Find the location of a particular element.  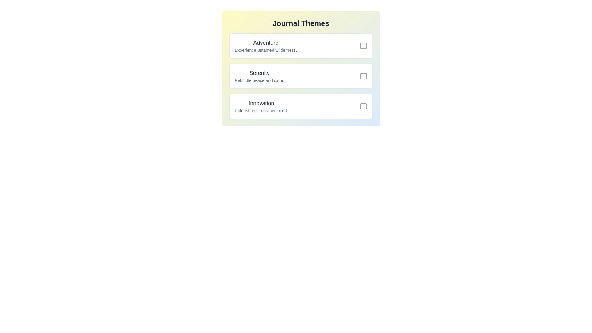

the second item in the 'Journal Themes' selection list, which describes the theme 'Serenity' and has a subtext of 'Rekindle peace and calm.' is located at coordinates (301, 76).